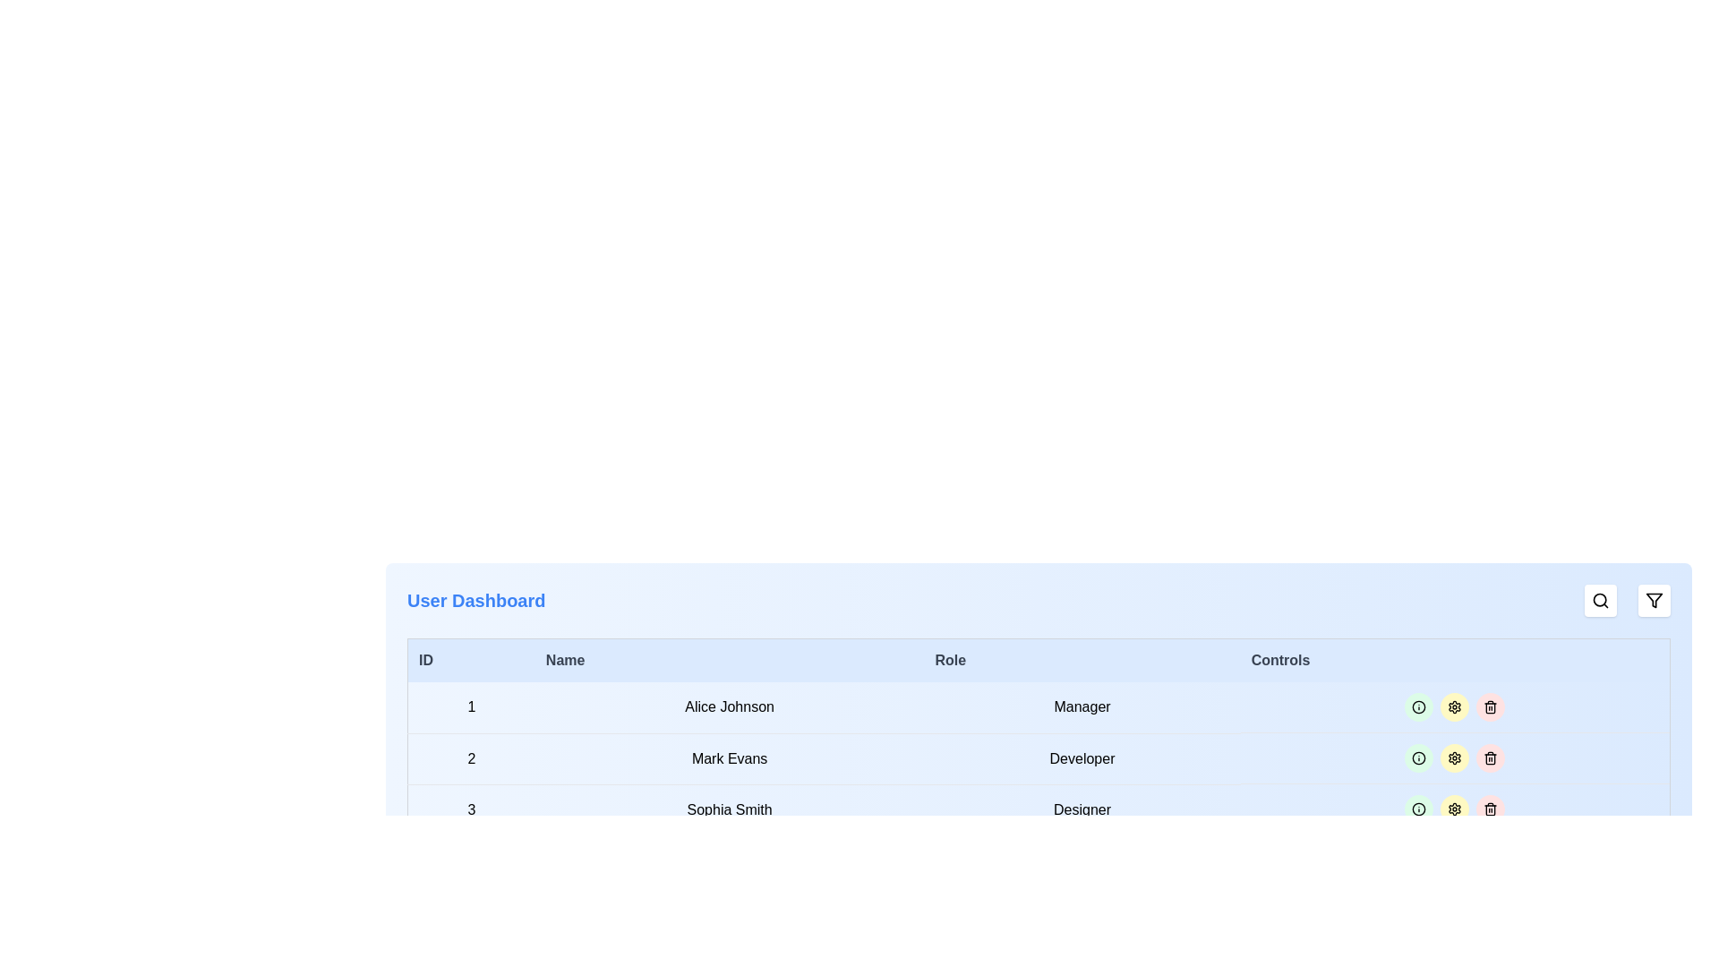 Image resolution: width=1719 pixels, height=967 pixels. Describe the element at coordinates (730, 809) in the screenshot. I see `the label displaying the name associated with the third entry in the User Dashboard table located in the third row, second column under the Name column` at that location.